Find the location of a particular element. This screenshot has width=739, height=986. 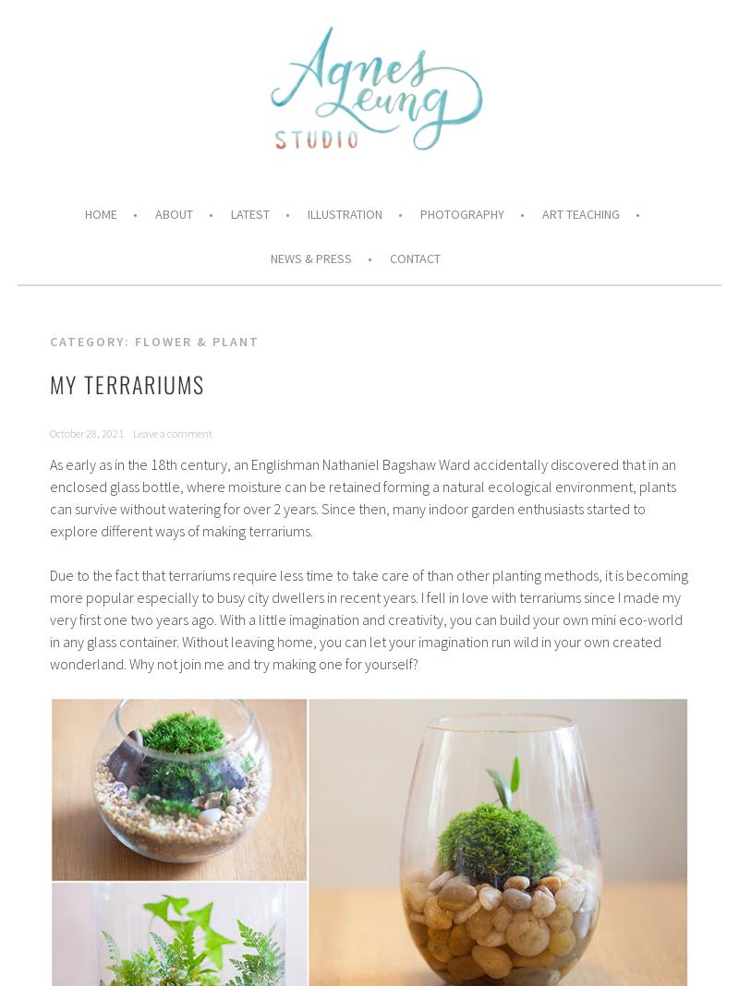

'Home' is located at coordinates (99, 213).